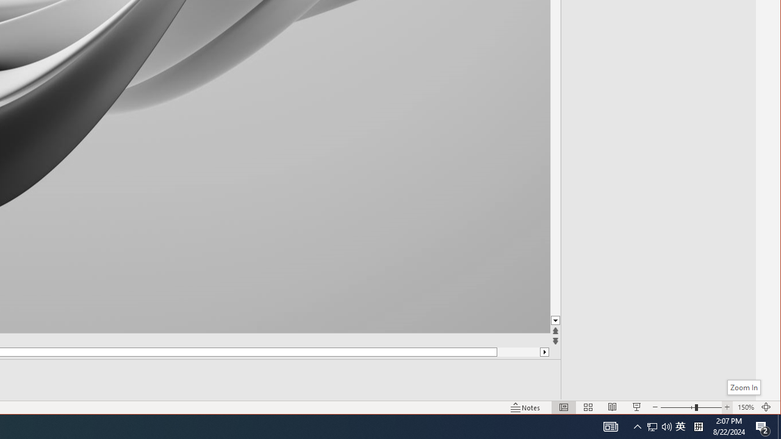 The width and height of the screenshot is (781, 439). What do you see at coordinates (745, 407) in the screenshot?
I see `'Zoom 150%'` at bounding box center [745, 407].